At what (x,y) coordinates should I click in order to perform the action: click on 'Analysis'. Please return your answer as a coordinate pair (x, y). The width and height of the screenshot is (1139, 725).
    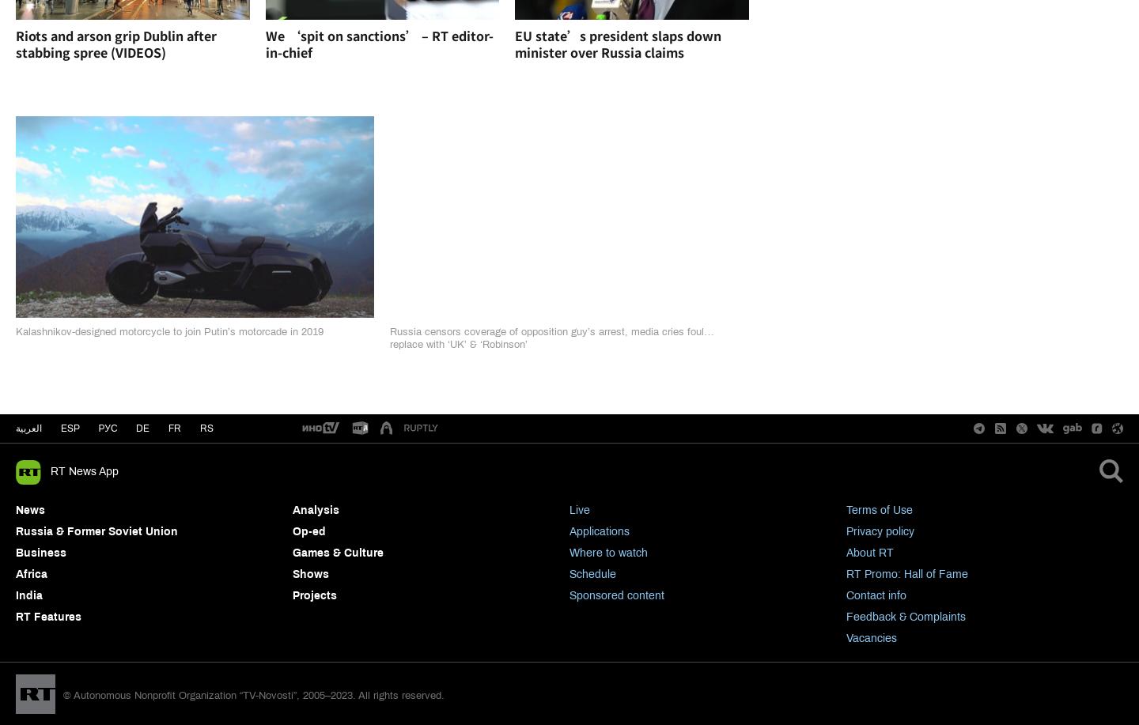
    Looking at the image, I should click on (315, 509).